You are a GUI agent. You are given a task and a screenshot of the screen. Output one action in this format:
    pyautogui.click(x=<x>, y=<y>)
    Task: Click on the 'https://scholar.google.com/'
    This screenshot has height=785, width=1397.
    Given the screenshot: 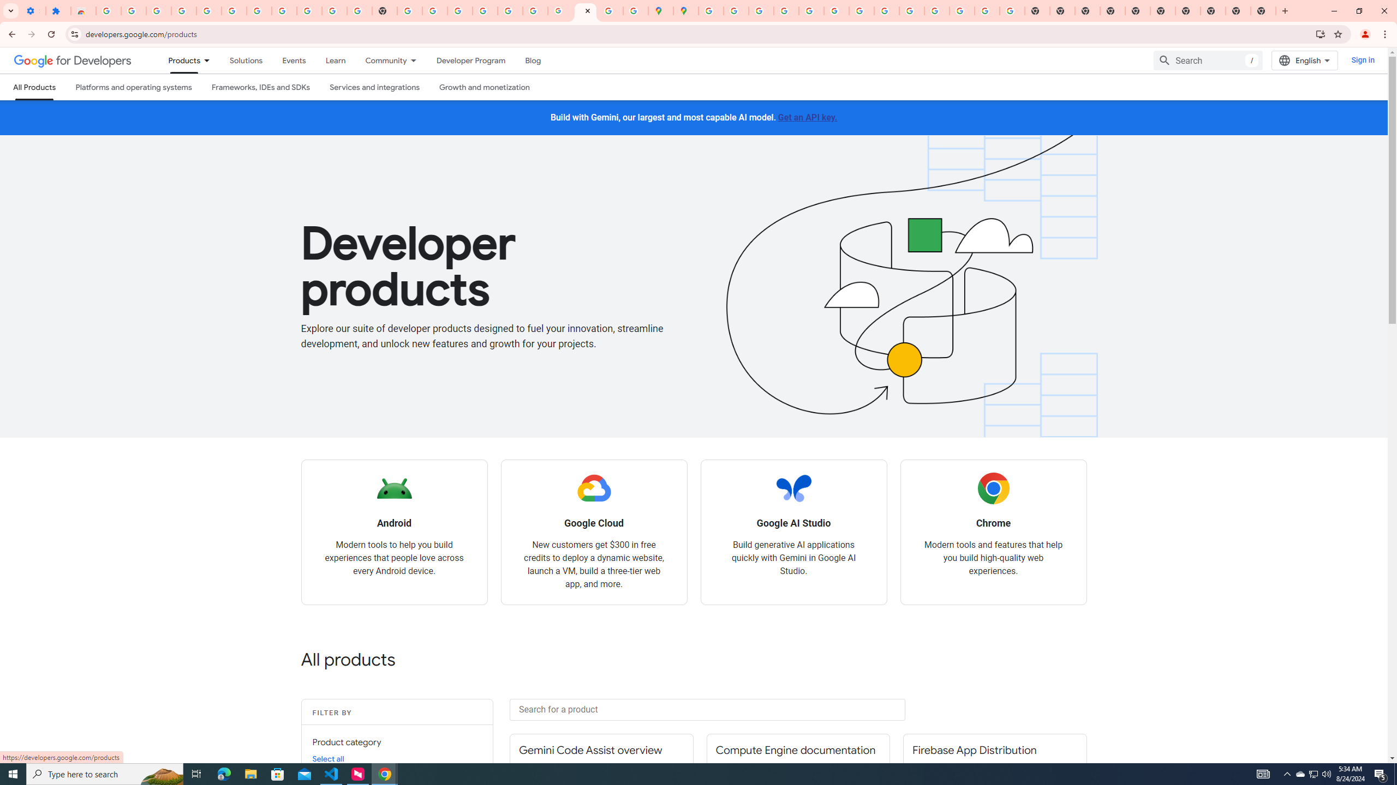 What is the action you would take?
    pyautogui.click(x=409, y=10)
    